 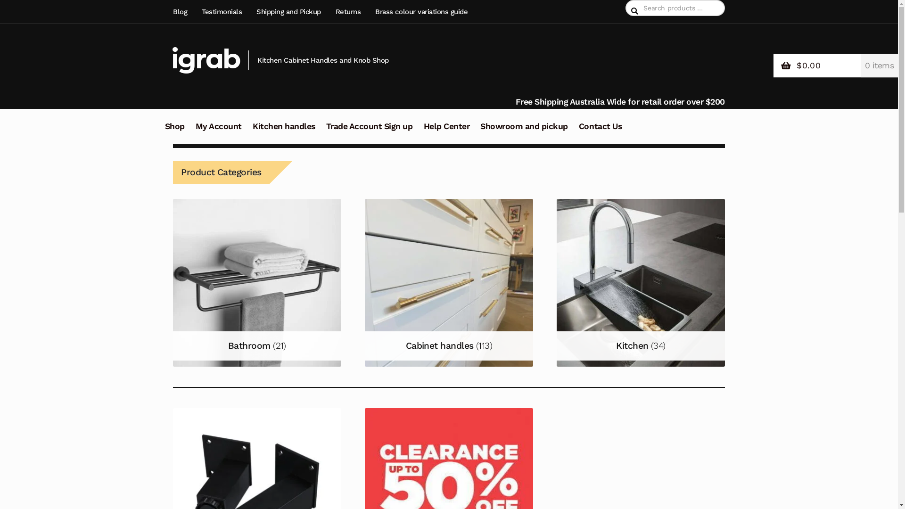 What do you see at coordinates (523, 131) in the screenshot?
I see `'Showroom and pickup'` at bounding box center [523, 131].